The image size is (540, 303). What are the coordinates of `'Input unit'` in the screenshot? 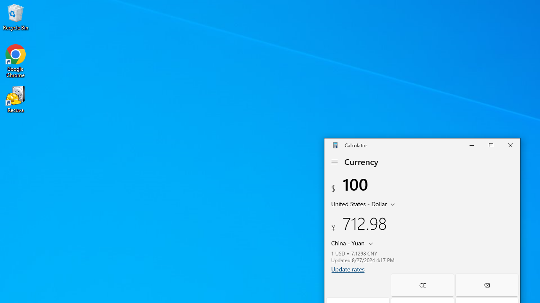 It's located at (364, 203).